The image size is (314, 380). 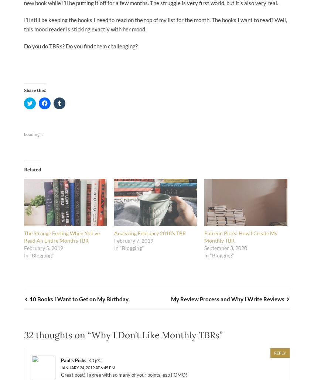 I want to click on 'Loading...', so click(x=24, y=134).